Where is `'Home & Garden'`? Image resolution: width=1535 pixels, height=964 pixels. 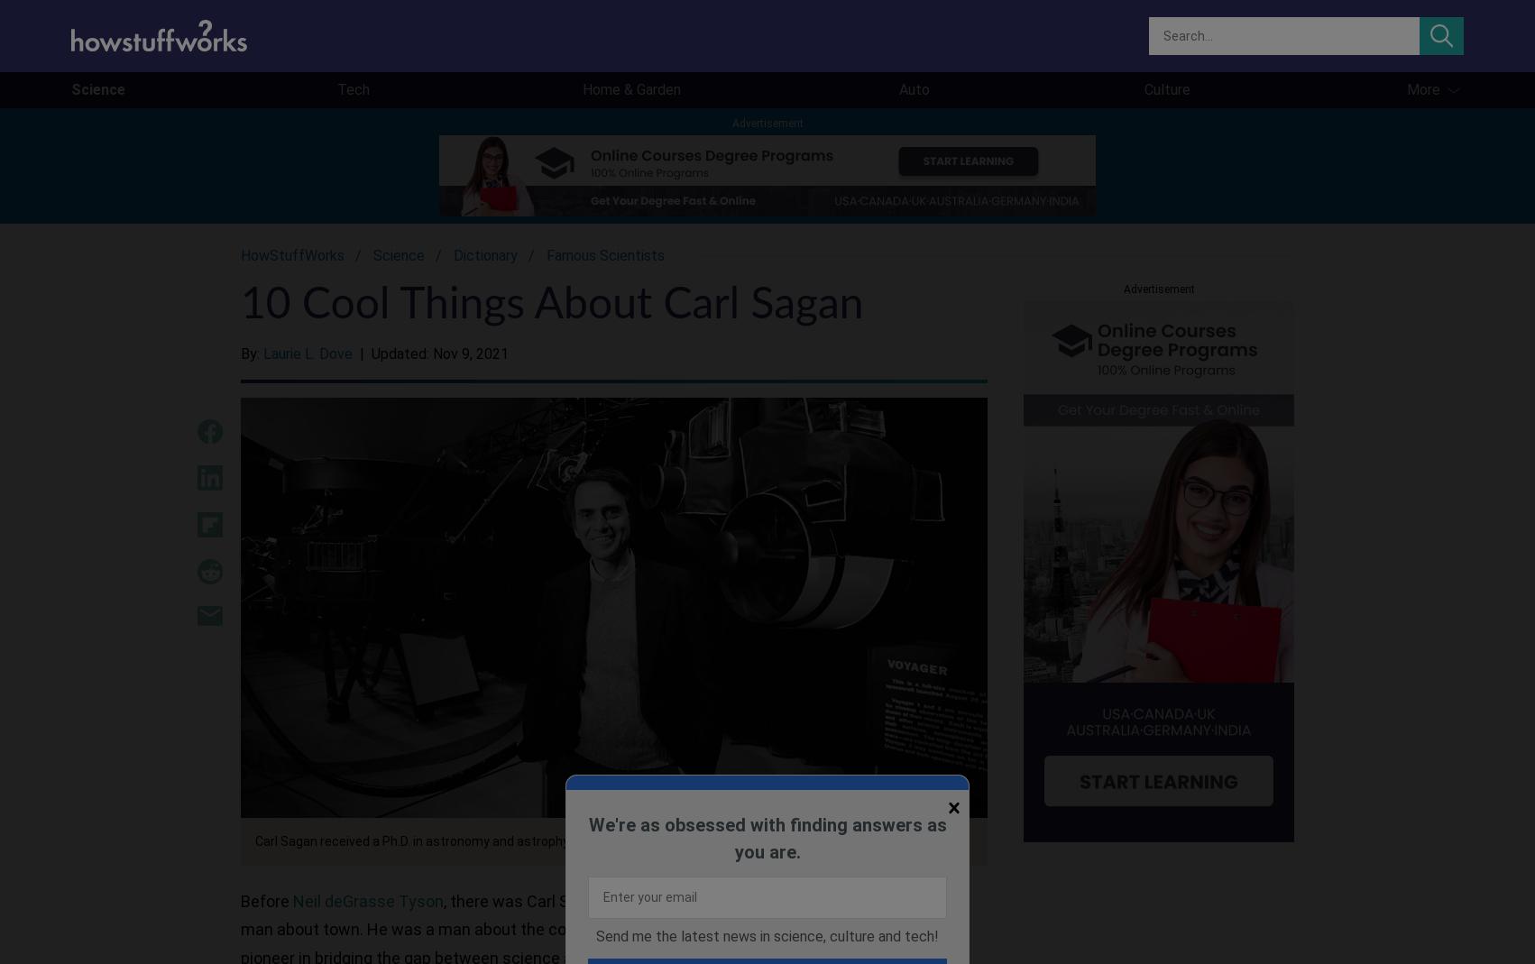
'Home & Garden' is located at coordinates (630, 88).